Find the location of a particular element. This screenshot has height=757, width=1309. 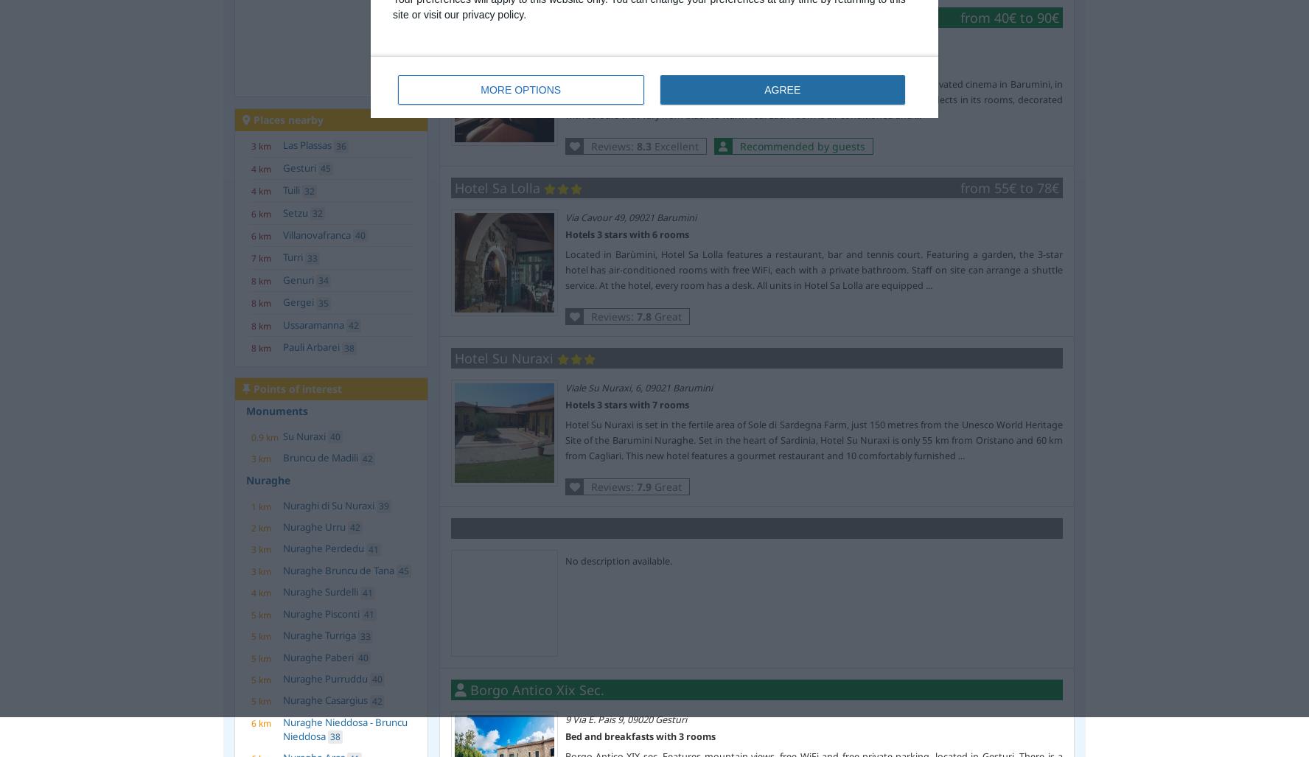

'Genuri' is located at coordinates (298, 279).